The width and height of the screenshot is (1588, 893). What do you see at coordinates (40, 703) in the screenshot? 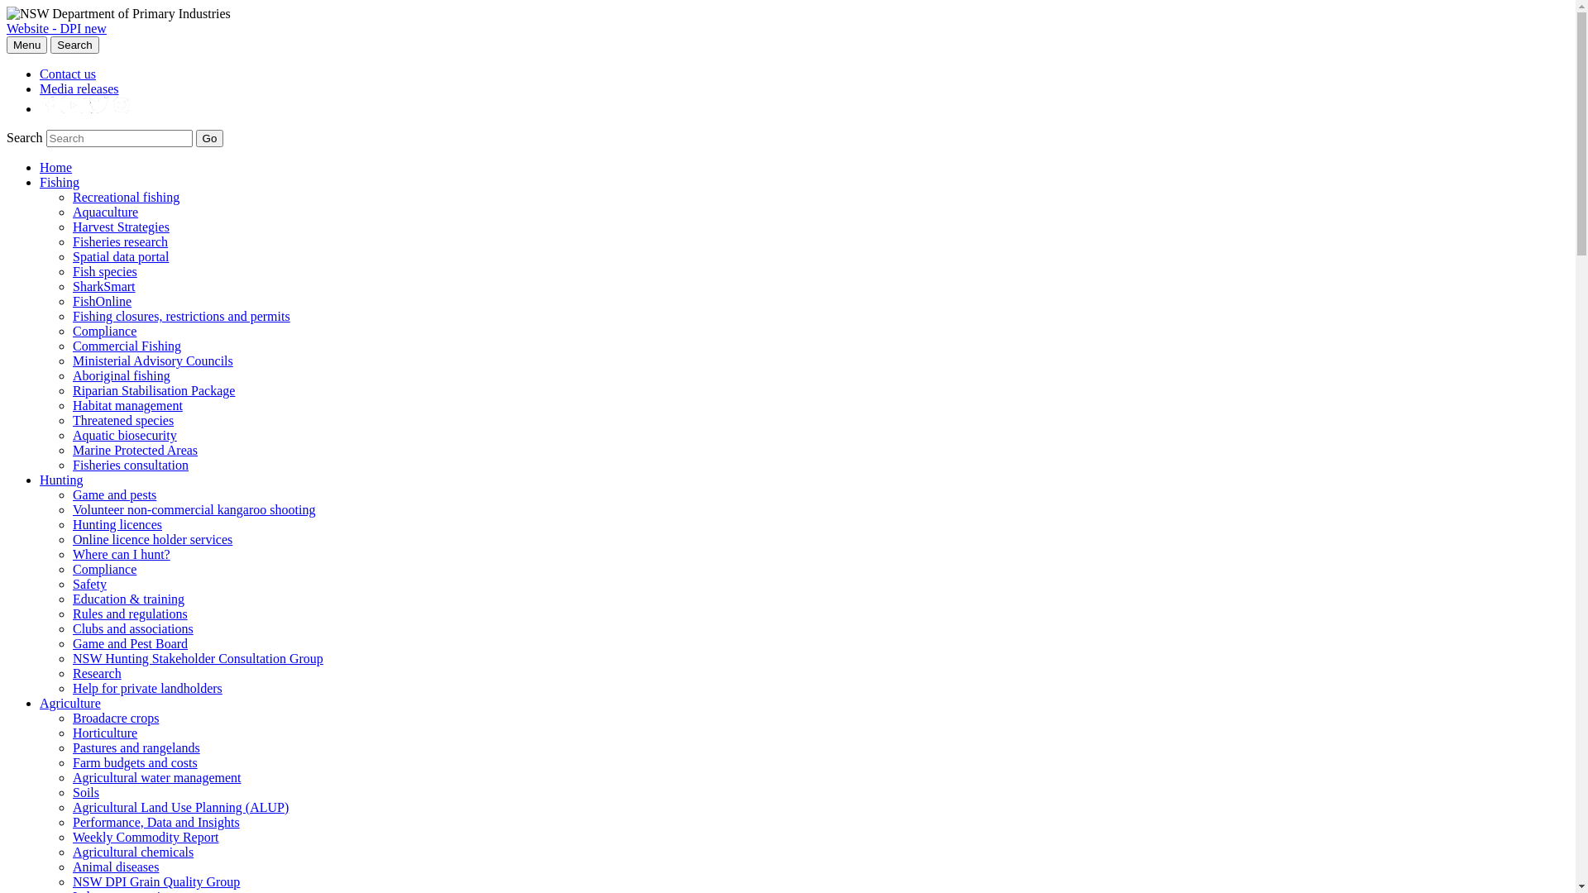
I see `'Agriculture'` at bounding box center [40, 703].